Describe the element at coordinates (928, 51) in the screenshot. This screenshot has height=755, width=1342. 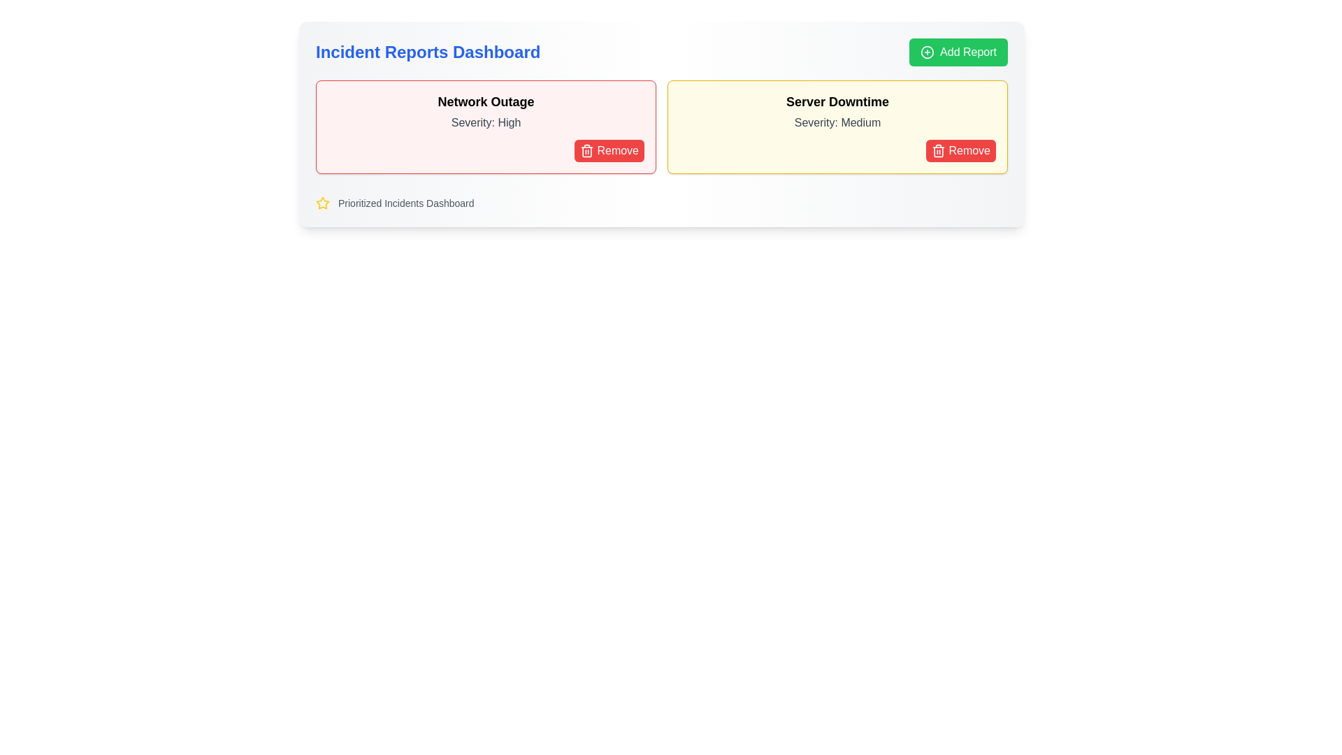
I see `the green circular icon with a plus sign located inside the 'Add Report' button in the top-right corner of the display` at that location.